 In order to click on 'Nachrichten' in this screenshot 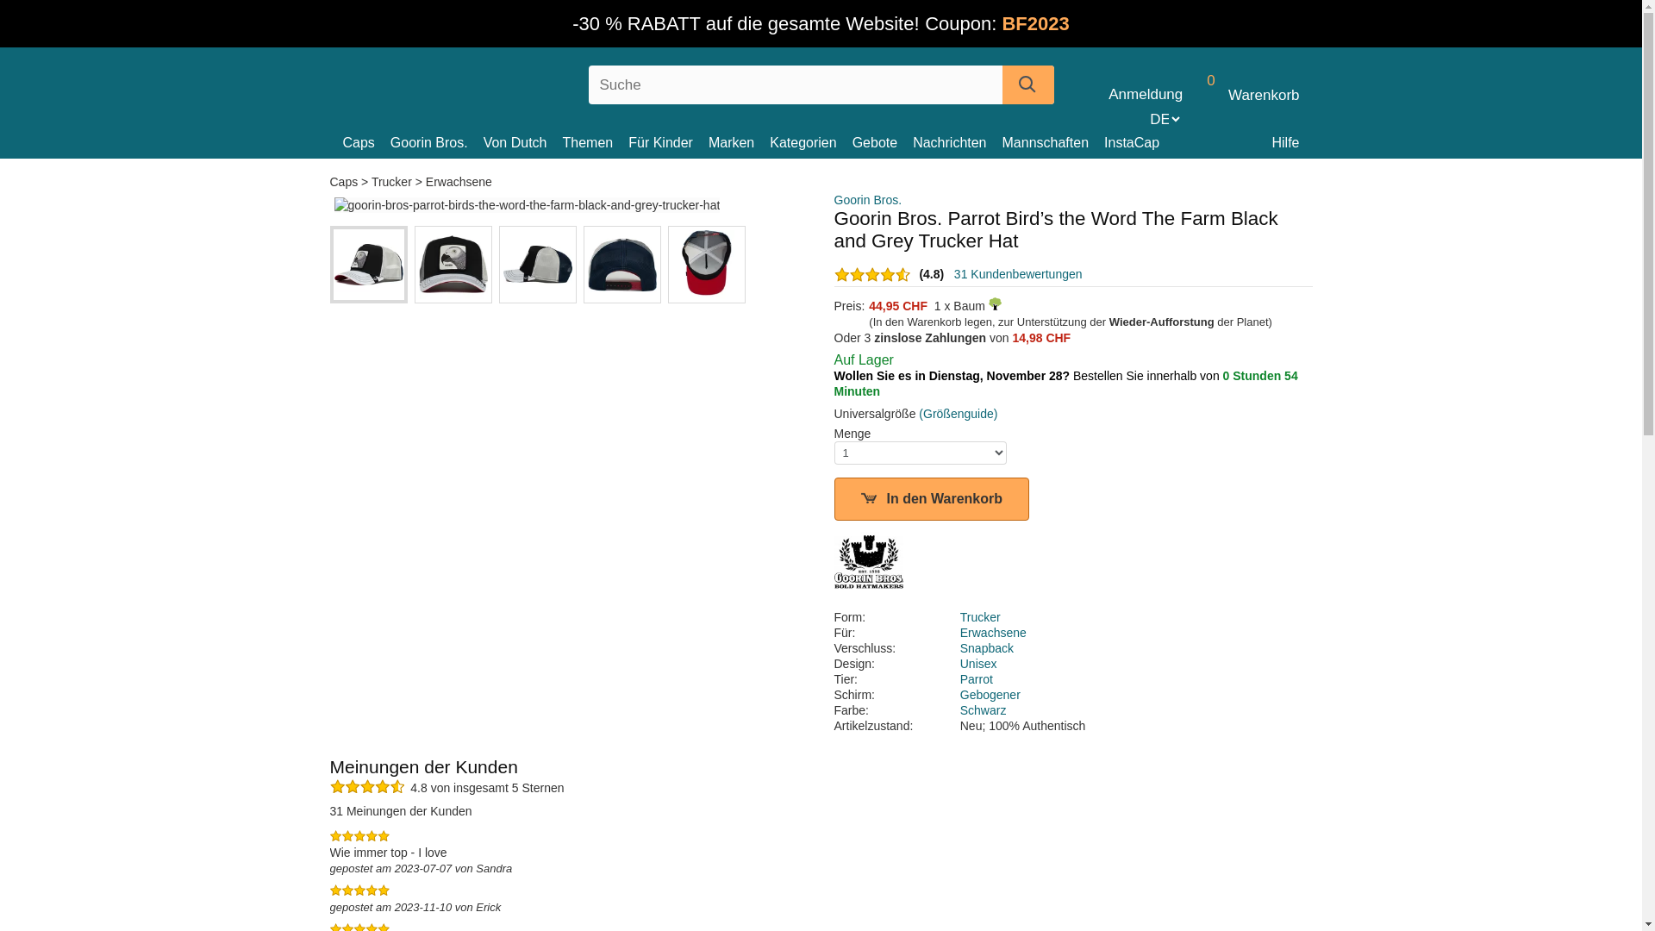, I will do `click(956, 141)`.